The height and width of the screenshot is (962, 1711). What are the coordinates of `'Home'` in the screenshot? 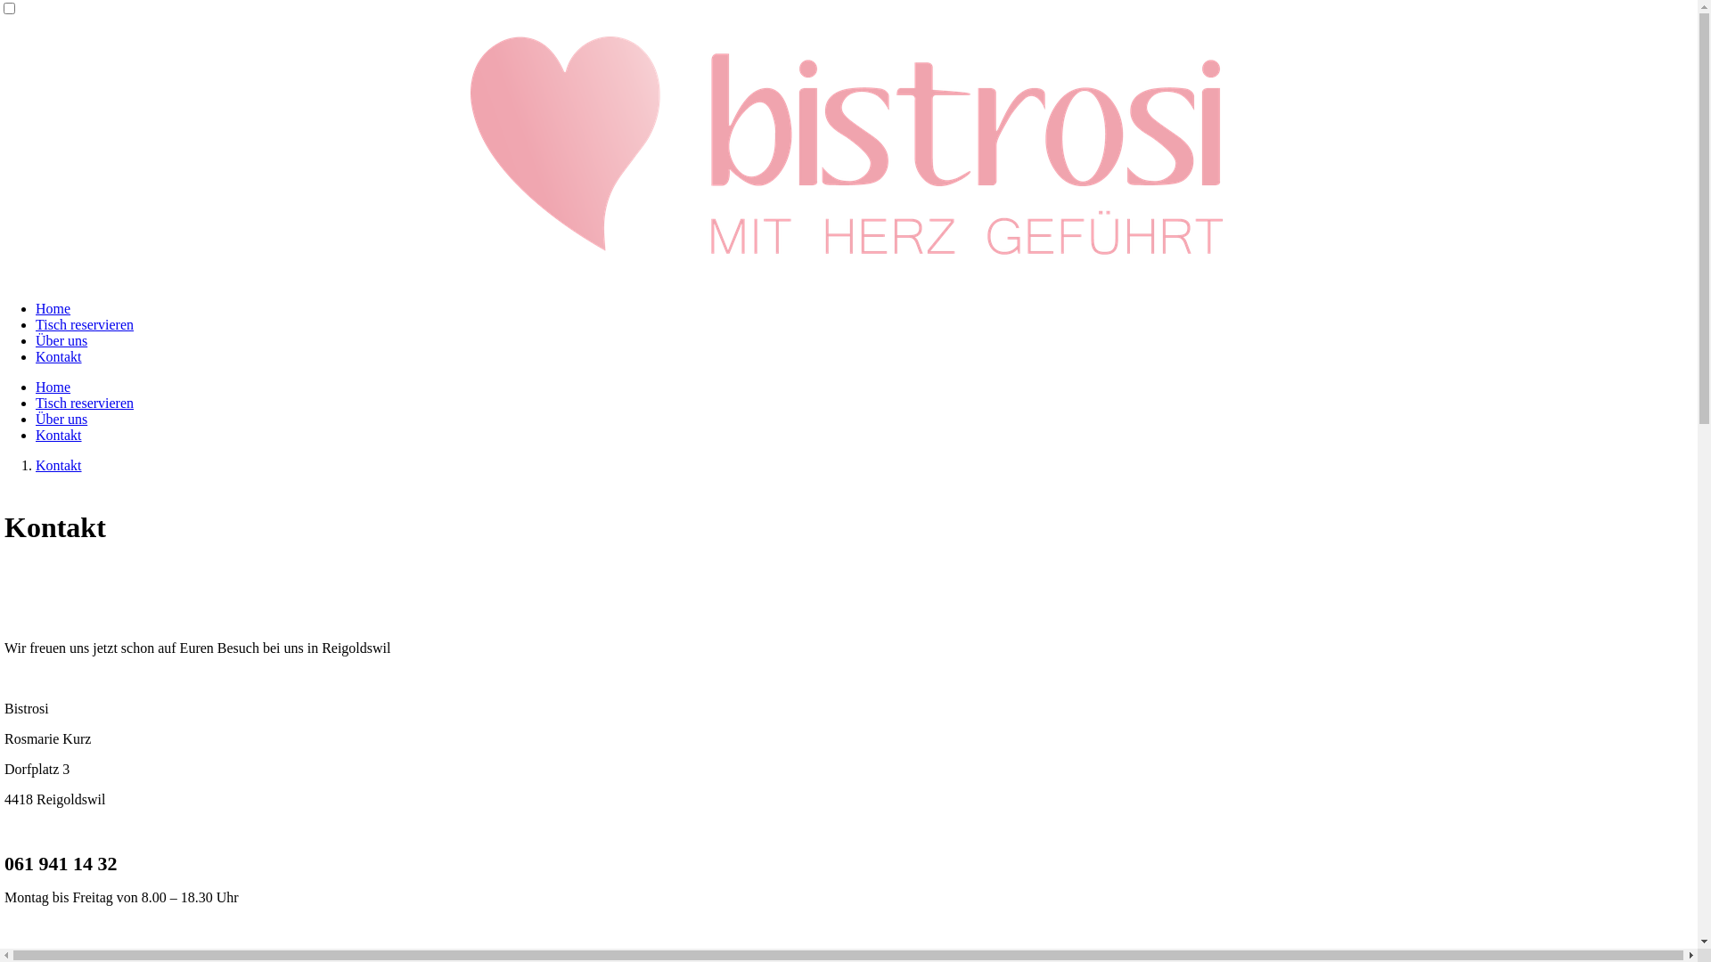 It's located at (53, 307).